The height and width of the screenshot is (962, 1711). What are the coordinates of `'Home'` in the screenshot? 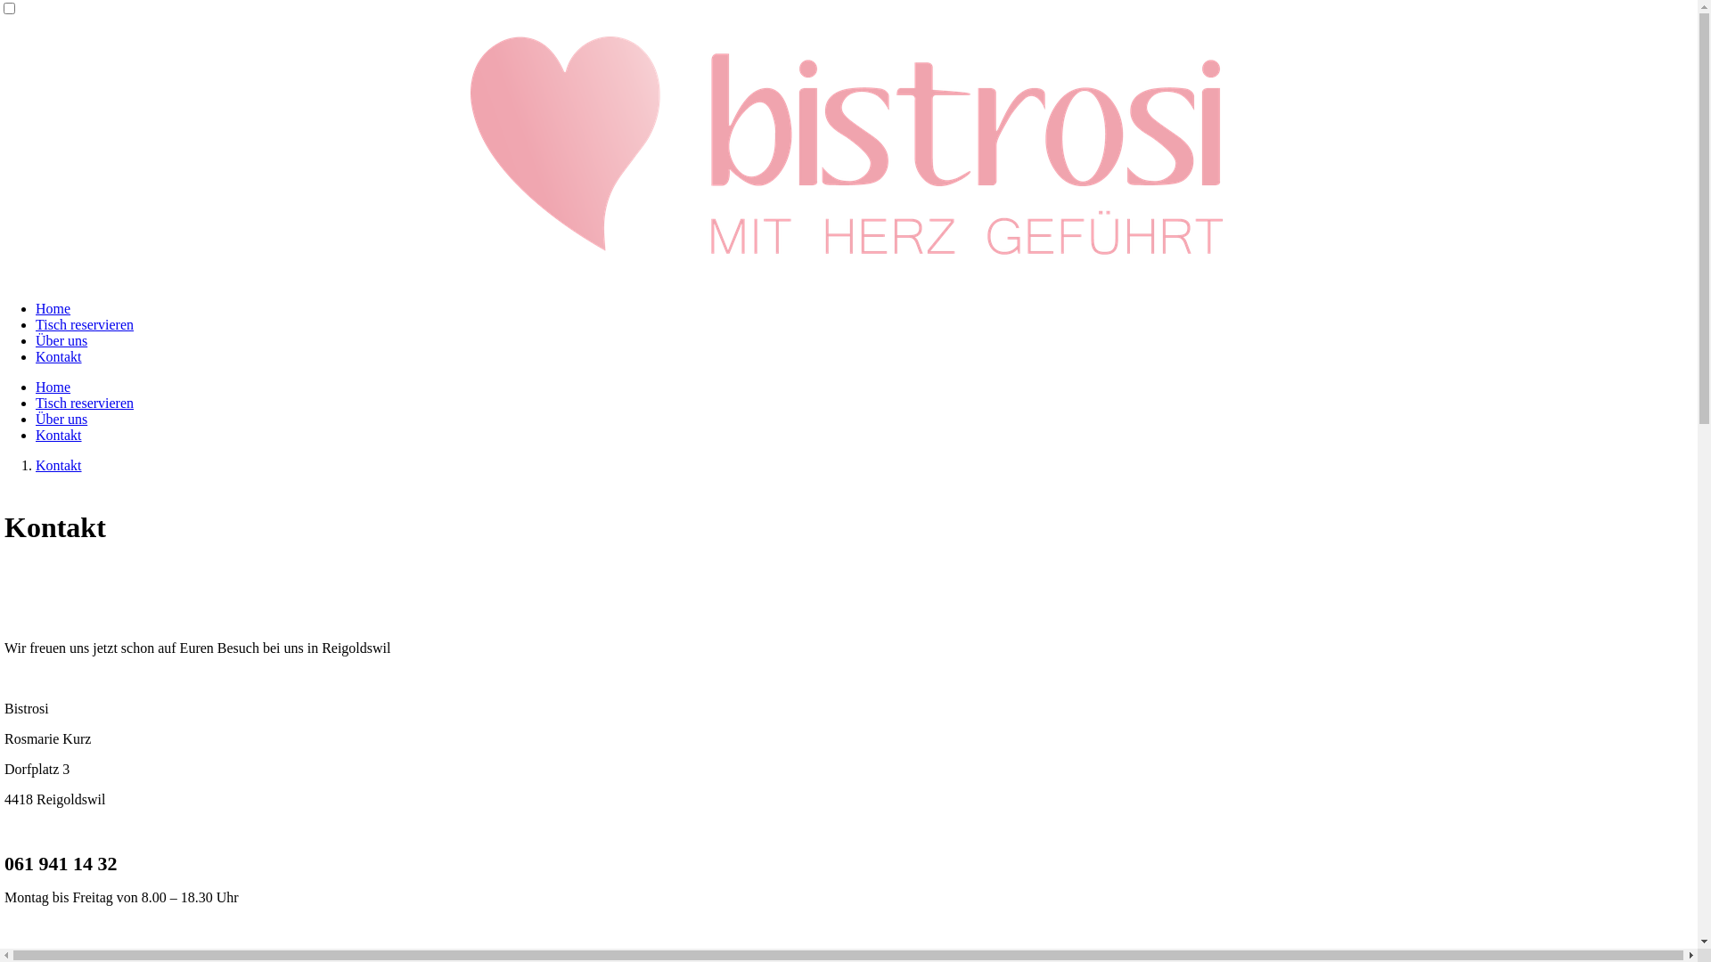 It's located at (53, 307).